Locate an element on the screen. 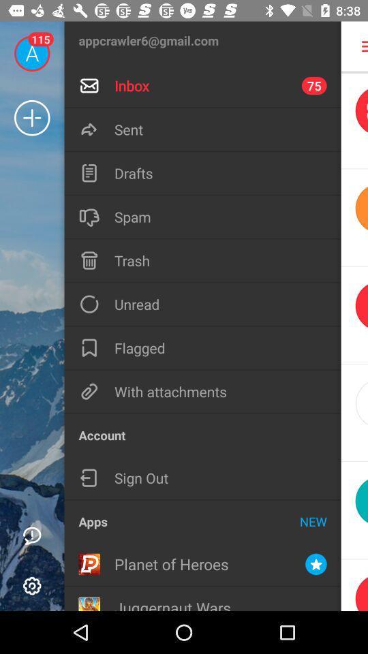  the arrow_backward icon is located at coordinates (354, 217).